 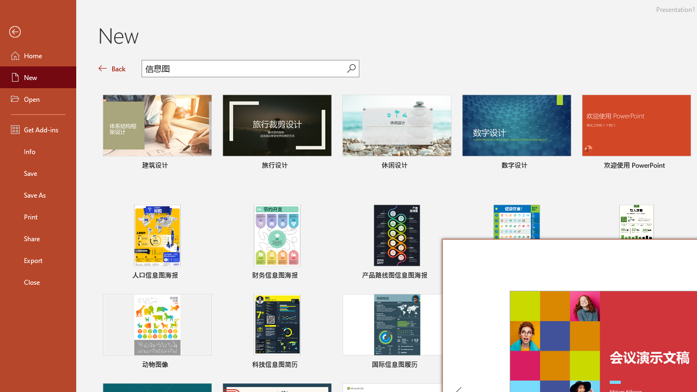 What do you see at coordinates (38, 217) in the screenshot?
I see `'Print'` at bounding box center [38, 217].